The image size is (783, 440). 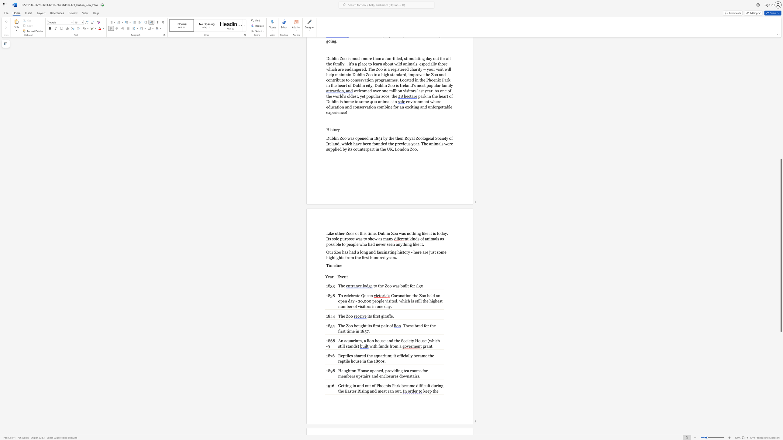 What do you see at coordinates (358, 340) in the screenshot?
I see `the subset text "m, a lion" within the text "An aquarium, a lion"` at bounding box center [358, 340].